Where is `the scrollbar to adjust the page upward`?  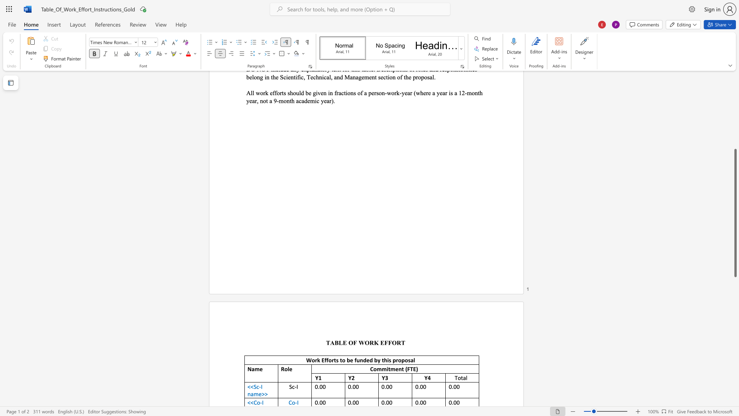 the scrollbar to adjust the page upward is located at coordinates (735, 81).